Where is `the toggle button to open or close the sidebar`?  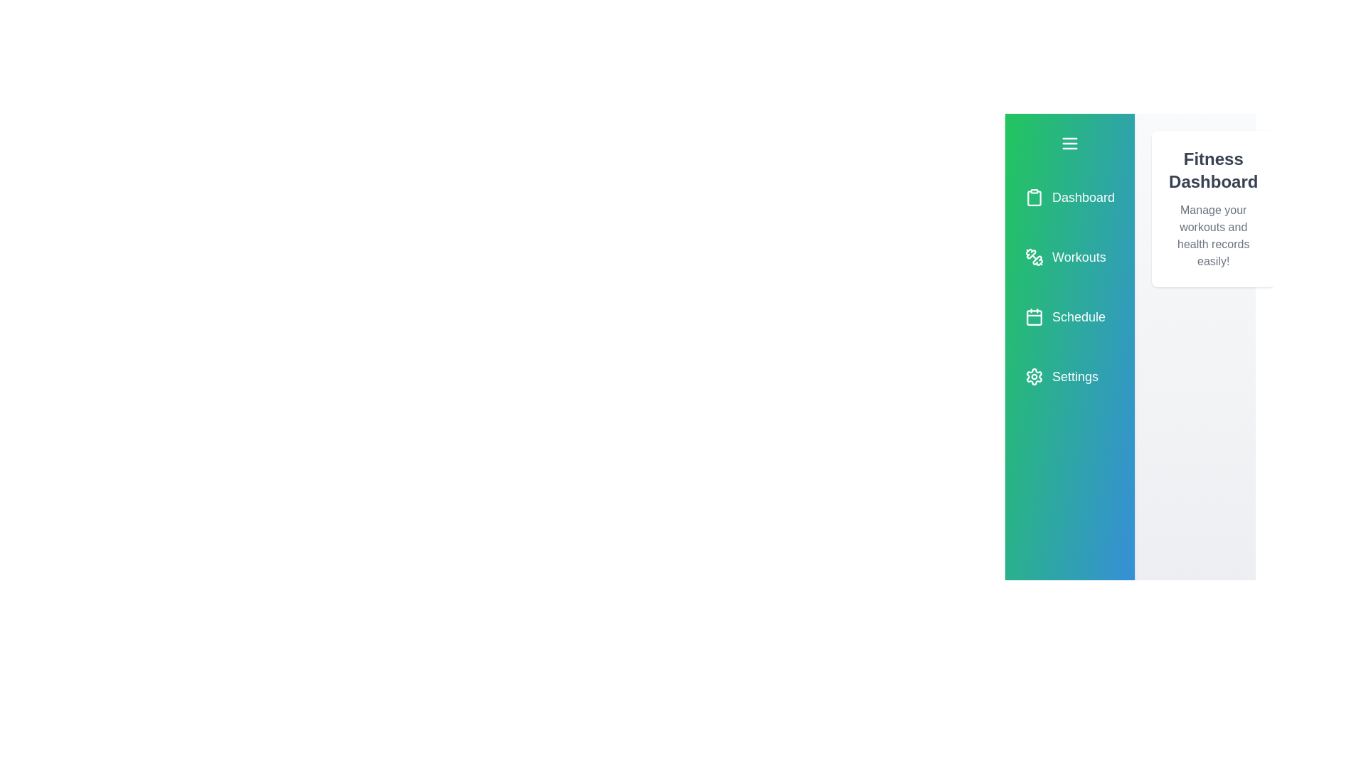 the toggle button to open or close the sidebar is located at coordinates (1069, 143).